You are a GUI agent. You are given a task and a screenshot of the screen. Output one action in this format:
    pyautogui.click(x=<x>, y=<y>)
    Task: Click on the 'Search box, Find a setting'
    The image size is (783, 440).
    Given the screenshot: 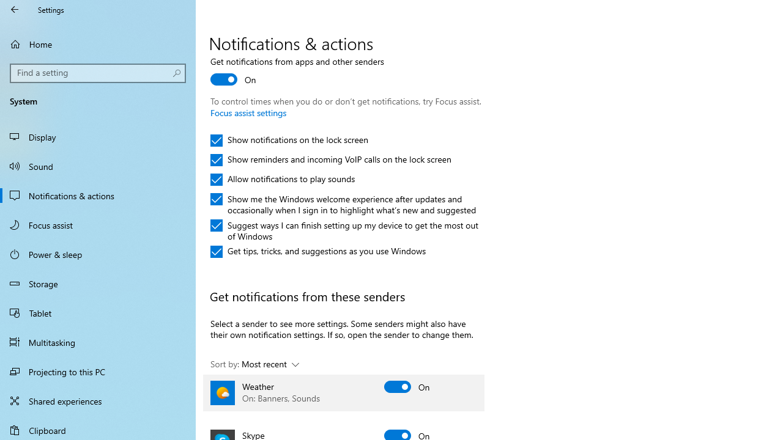 What is the action you would take?
    pyautogui.click(x=98, y=73)
    